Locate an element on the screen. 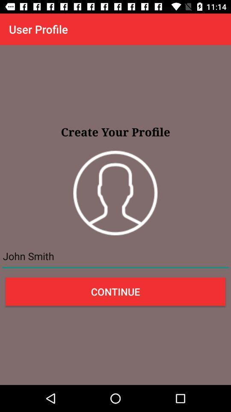 The height and width of the screenshot is (412, 231). the item below the create your profile item is located at coordinates (115, 193).